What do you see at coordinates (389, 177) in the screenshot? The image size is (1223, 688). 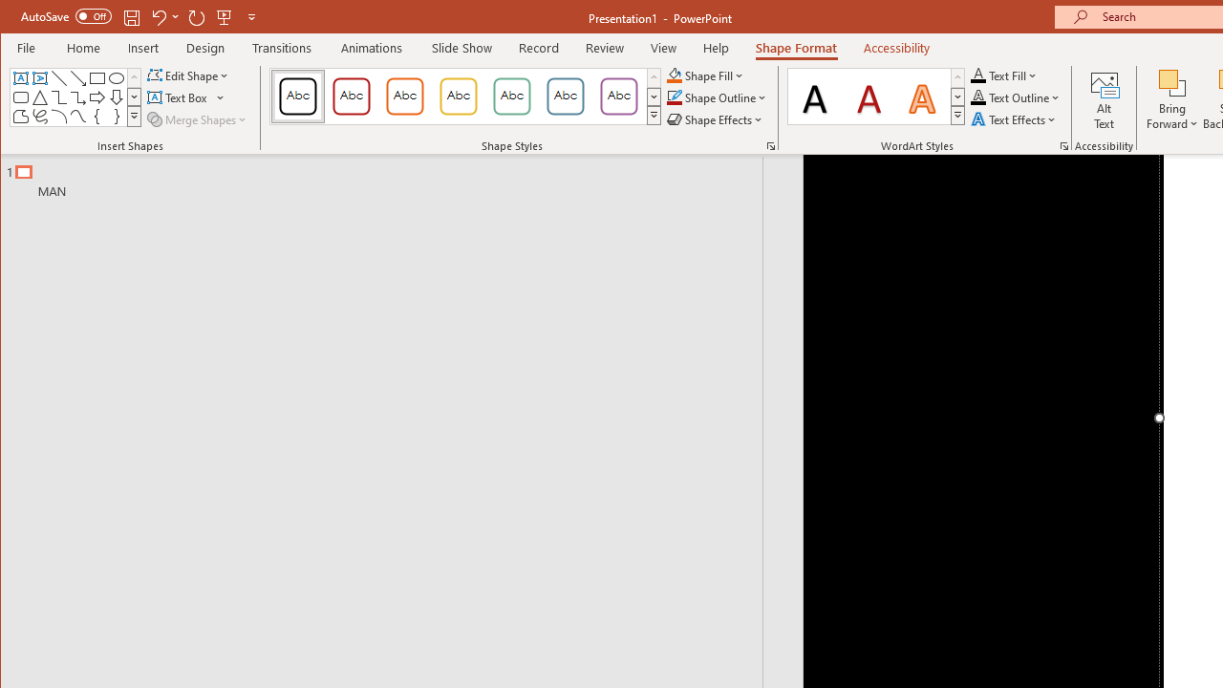 I see `'Outline'` at bounding box center [389, 177].